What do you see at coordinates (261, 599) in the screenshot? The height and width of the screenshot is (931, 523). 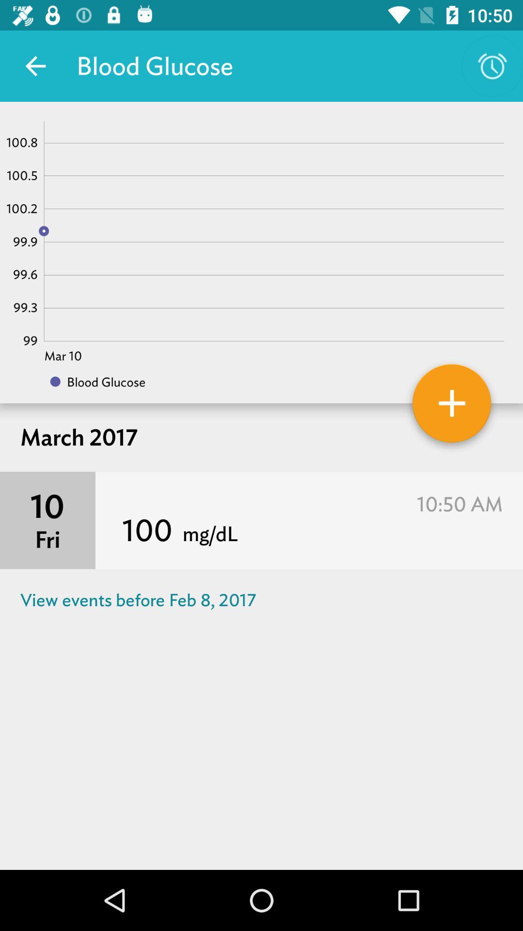 I see `the icon below the fri item` at bounding box center [261, 599].